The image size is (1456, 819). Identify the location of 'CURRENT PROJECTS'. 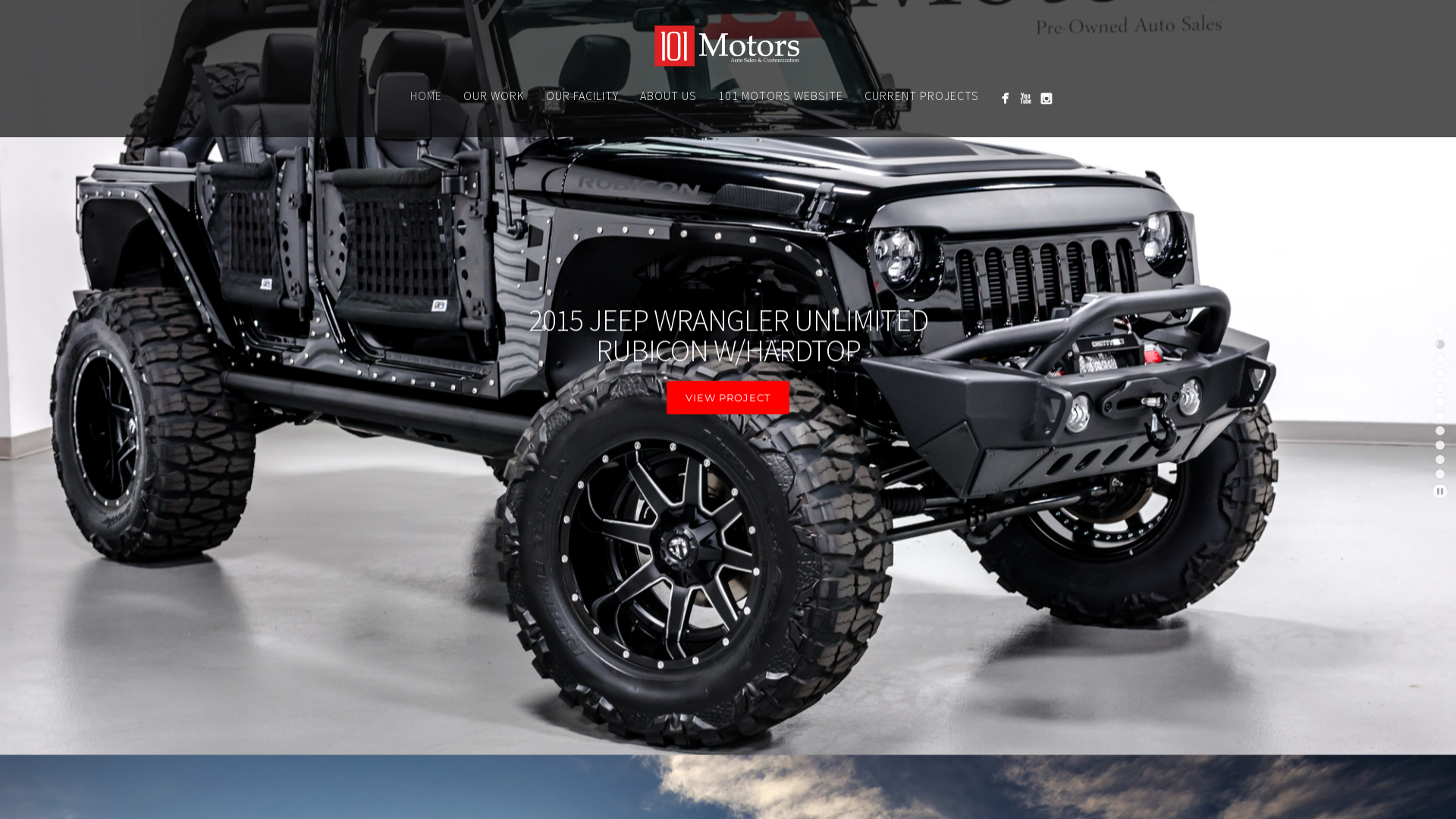
(921, 96).